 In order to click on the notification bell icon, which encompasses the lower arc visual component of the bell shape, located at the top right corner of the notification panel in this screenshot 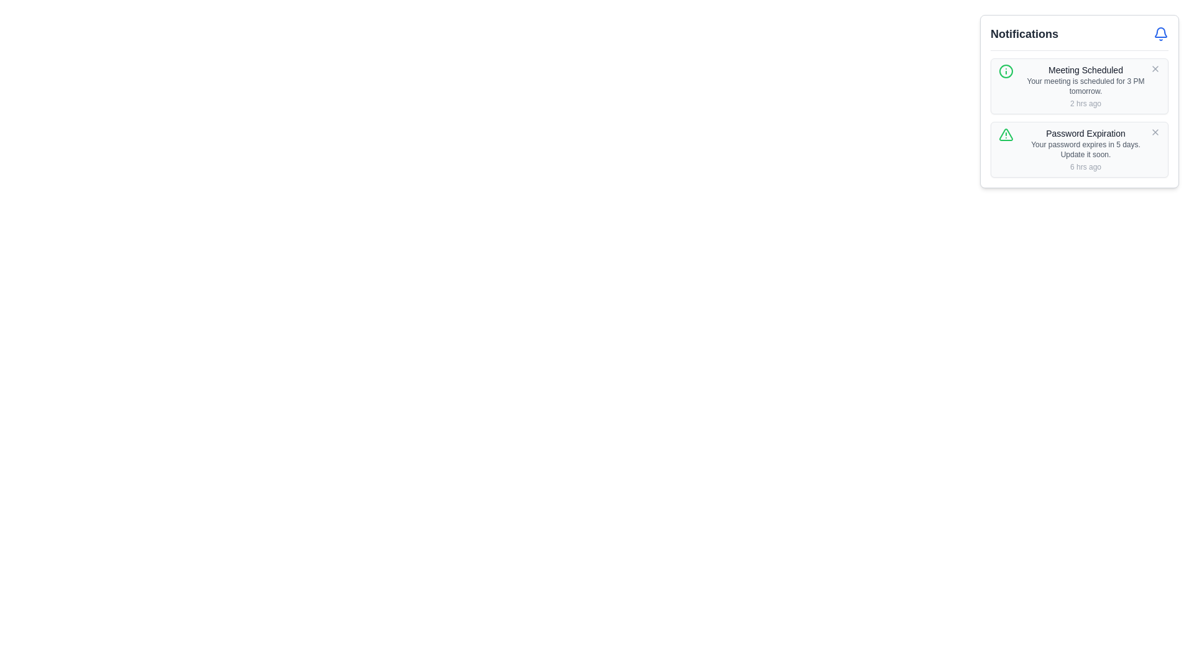, I will do `click(1160, 32)`.